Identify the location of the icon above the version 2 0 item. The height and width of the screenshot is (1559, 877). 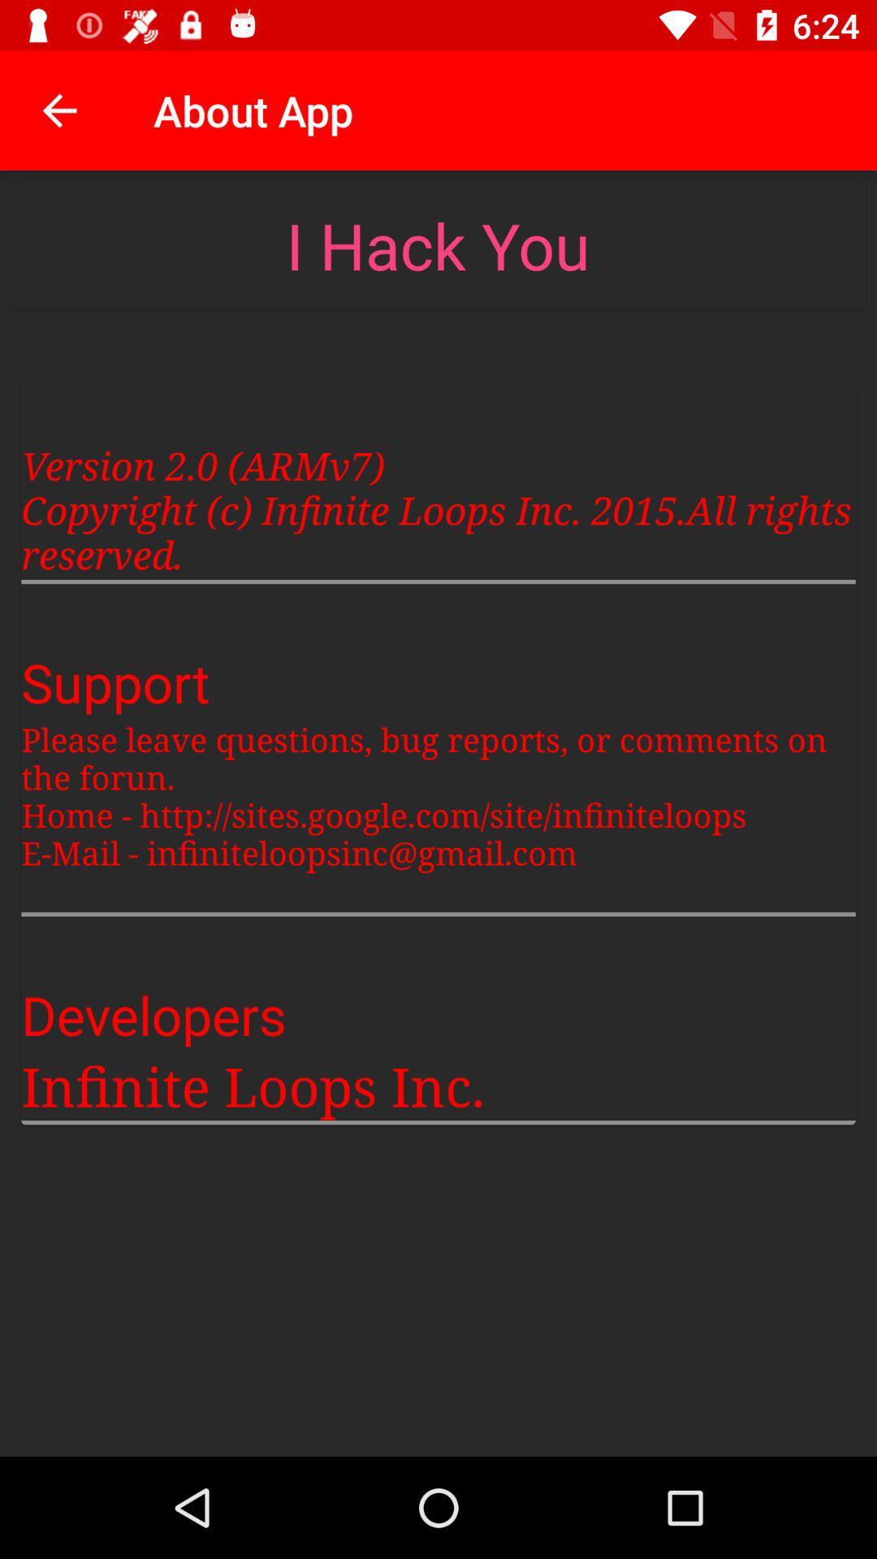
(58, 110).